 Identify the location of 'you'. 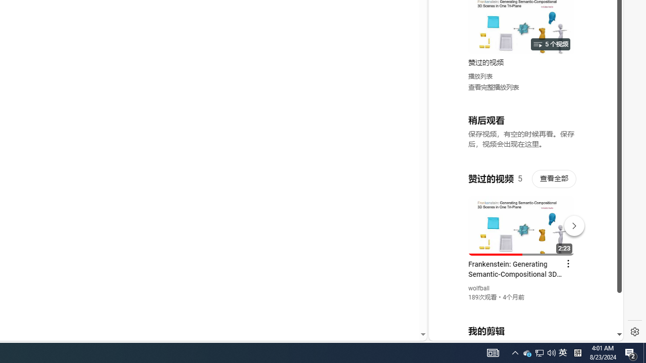
(522, 307).